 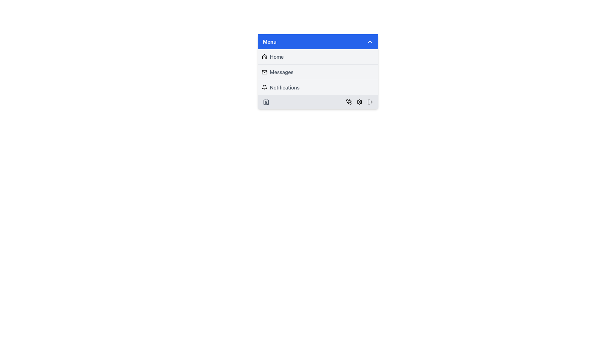 What do you see at coordinates (264, 72) in the screenshot?
I see `the 'Messages' icon located on the left side of the 'Messages' row in the vertical menu` at bounding box center [264, 72].